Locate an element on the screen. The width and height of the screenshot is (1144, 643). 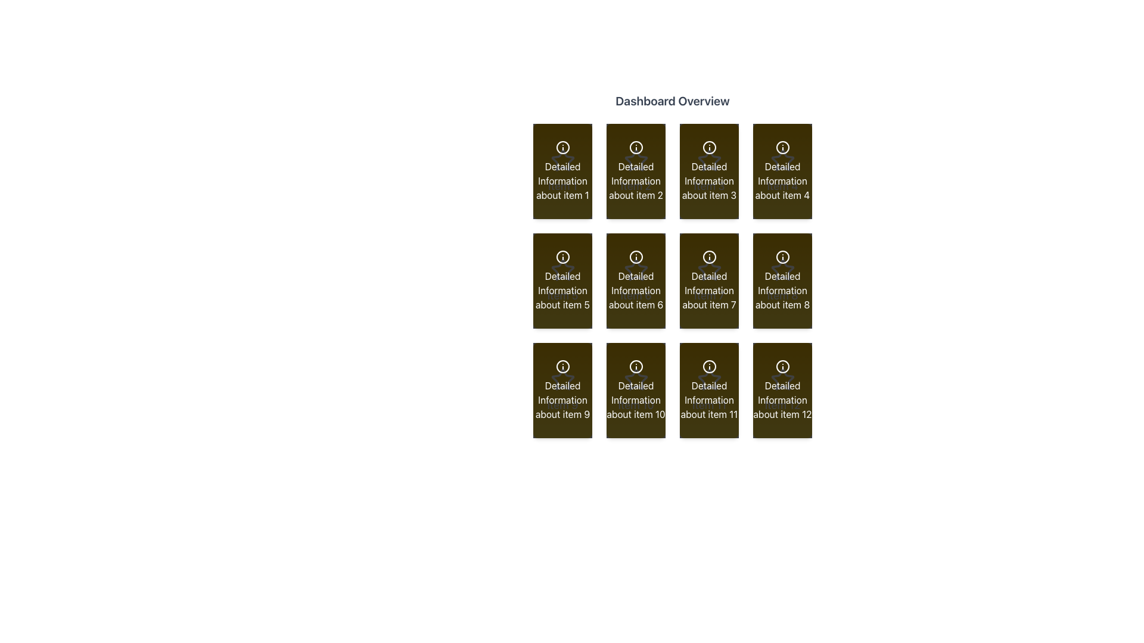
the icon for detailed information about item 3, which is positioned at the top center of the card in the first row of the grid layout is located at coordinates (709, 146).